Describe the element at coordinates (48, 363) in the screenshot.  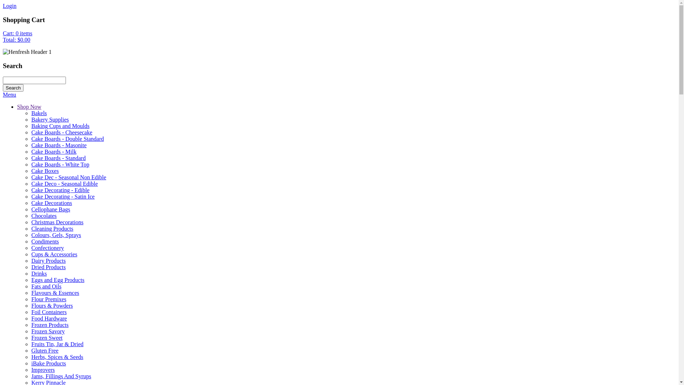
I see `'iBake Products'` at that location.